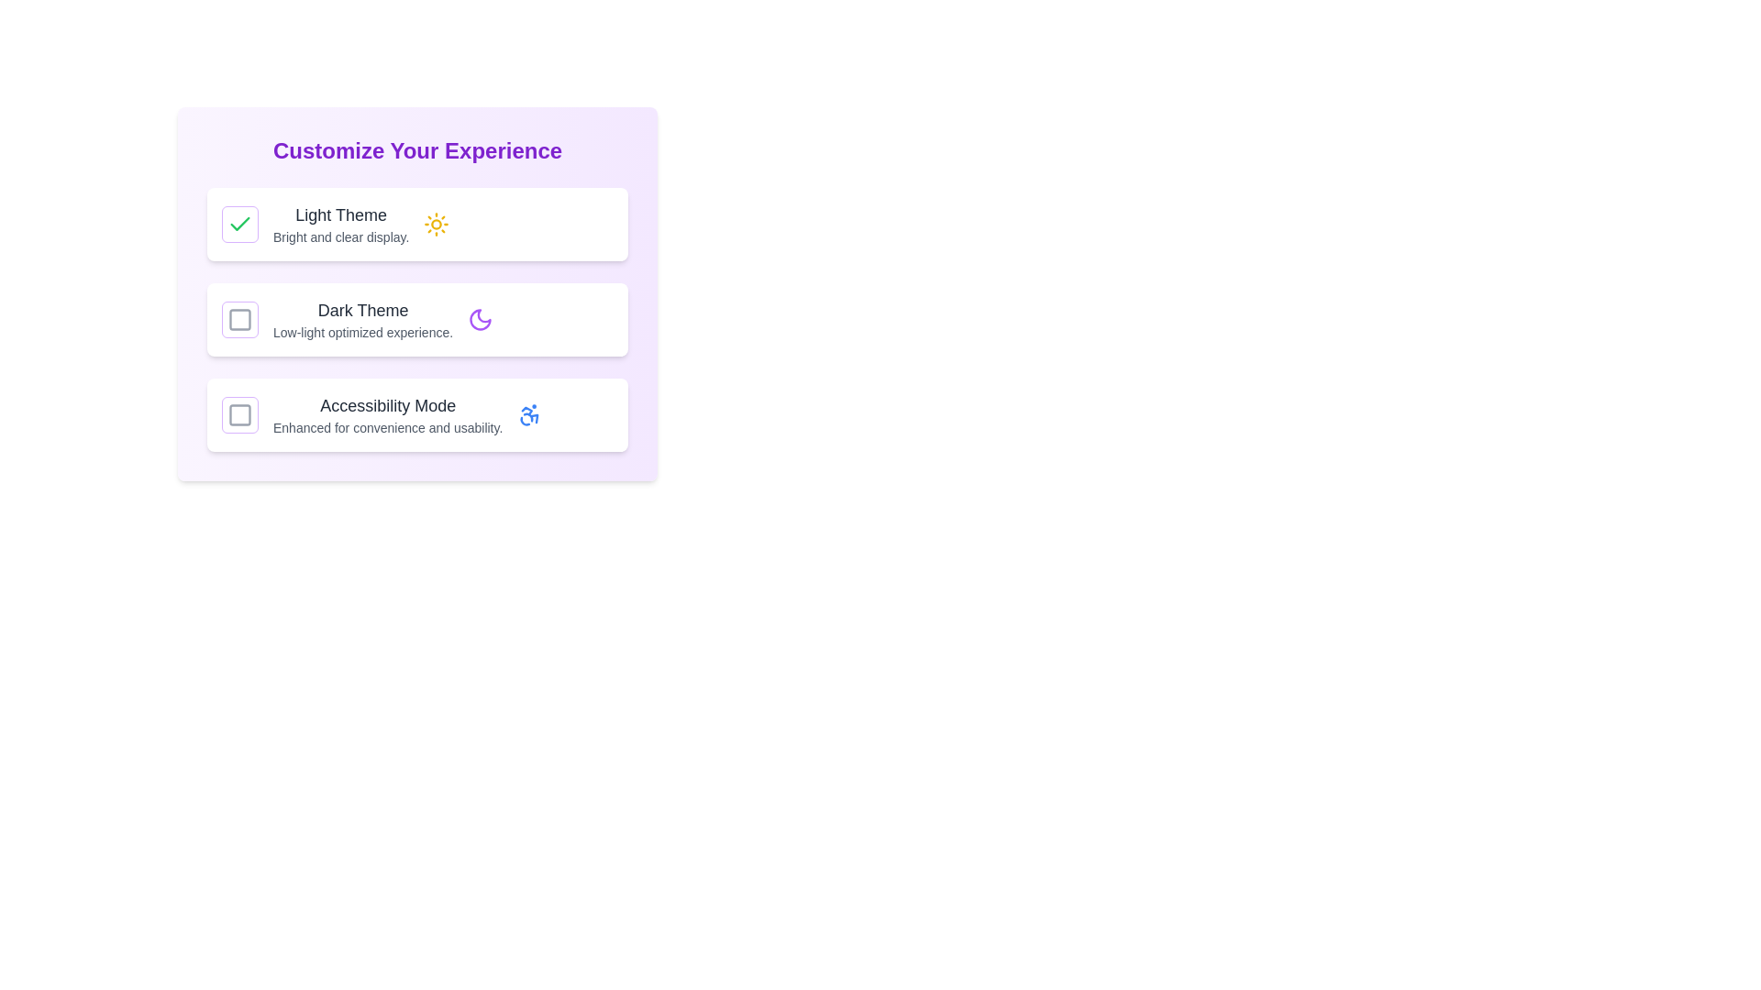 The image size is (1761, 990). What do you see at coordinates (481, 318) in the screenshot?
I see `the decorative 'Dark Theme' icon located in the second option row of the 'Customize Your Experience' section, positioned to the right of the checkbox and text for 'Dark Theme'` at bounding box center [481, 318].